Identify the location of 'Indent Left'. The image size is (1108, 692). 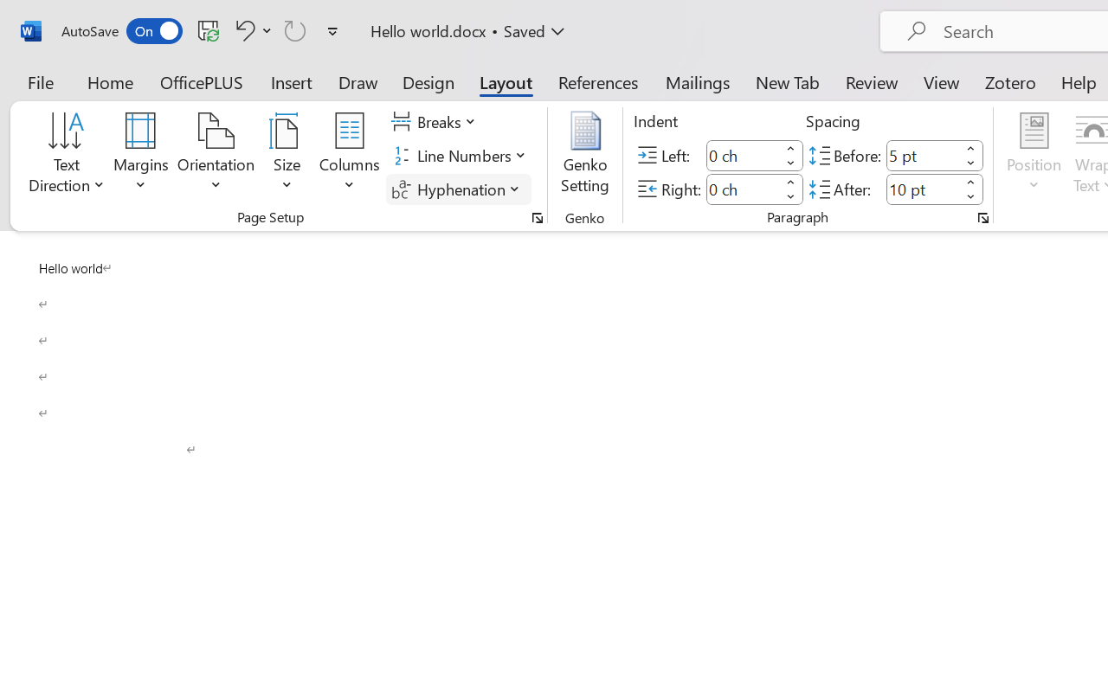
(743, 154).